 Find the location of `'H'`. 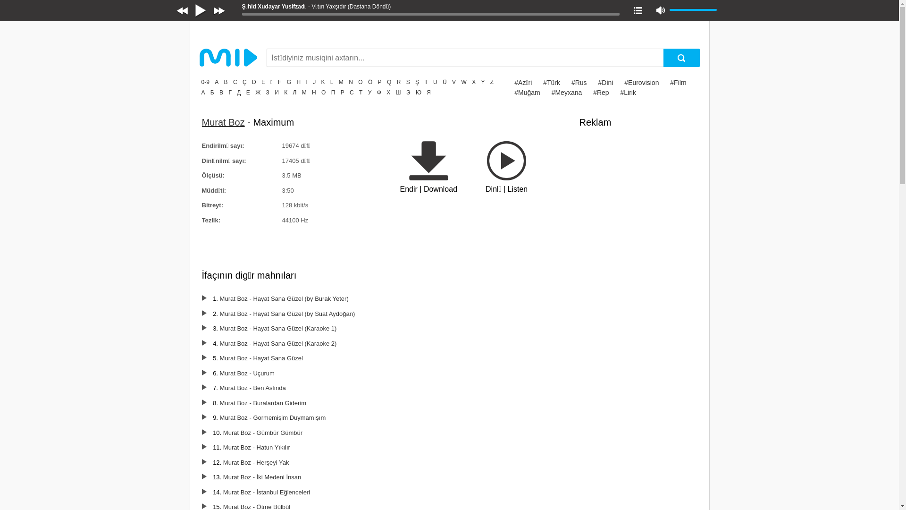

'H' is located at coordinates (296, 81).